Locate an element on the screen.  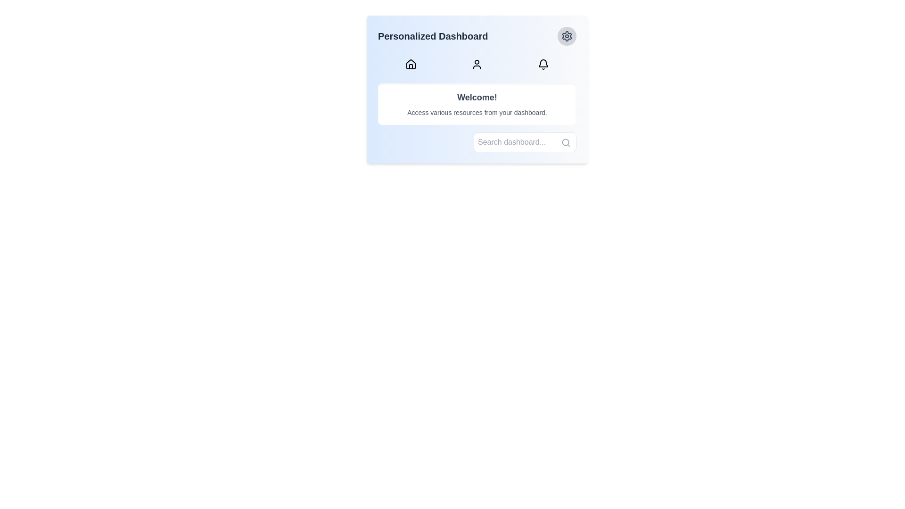
the search icon adjacent to the Search text input field to initiate the search functionality is located at coordinates (524, 142).